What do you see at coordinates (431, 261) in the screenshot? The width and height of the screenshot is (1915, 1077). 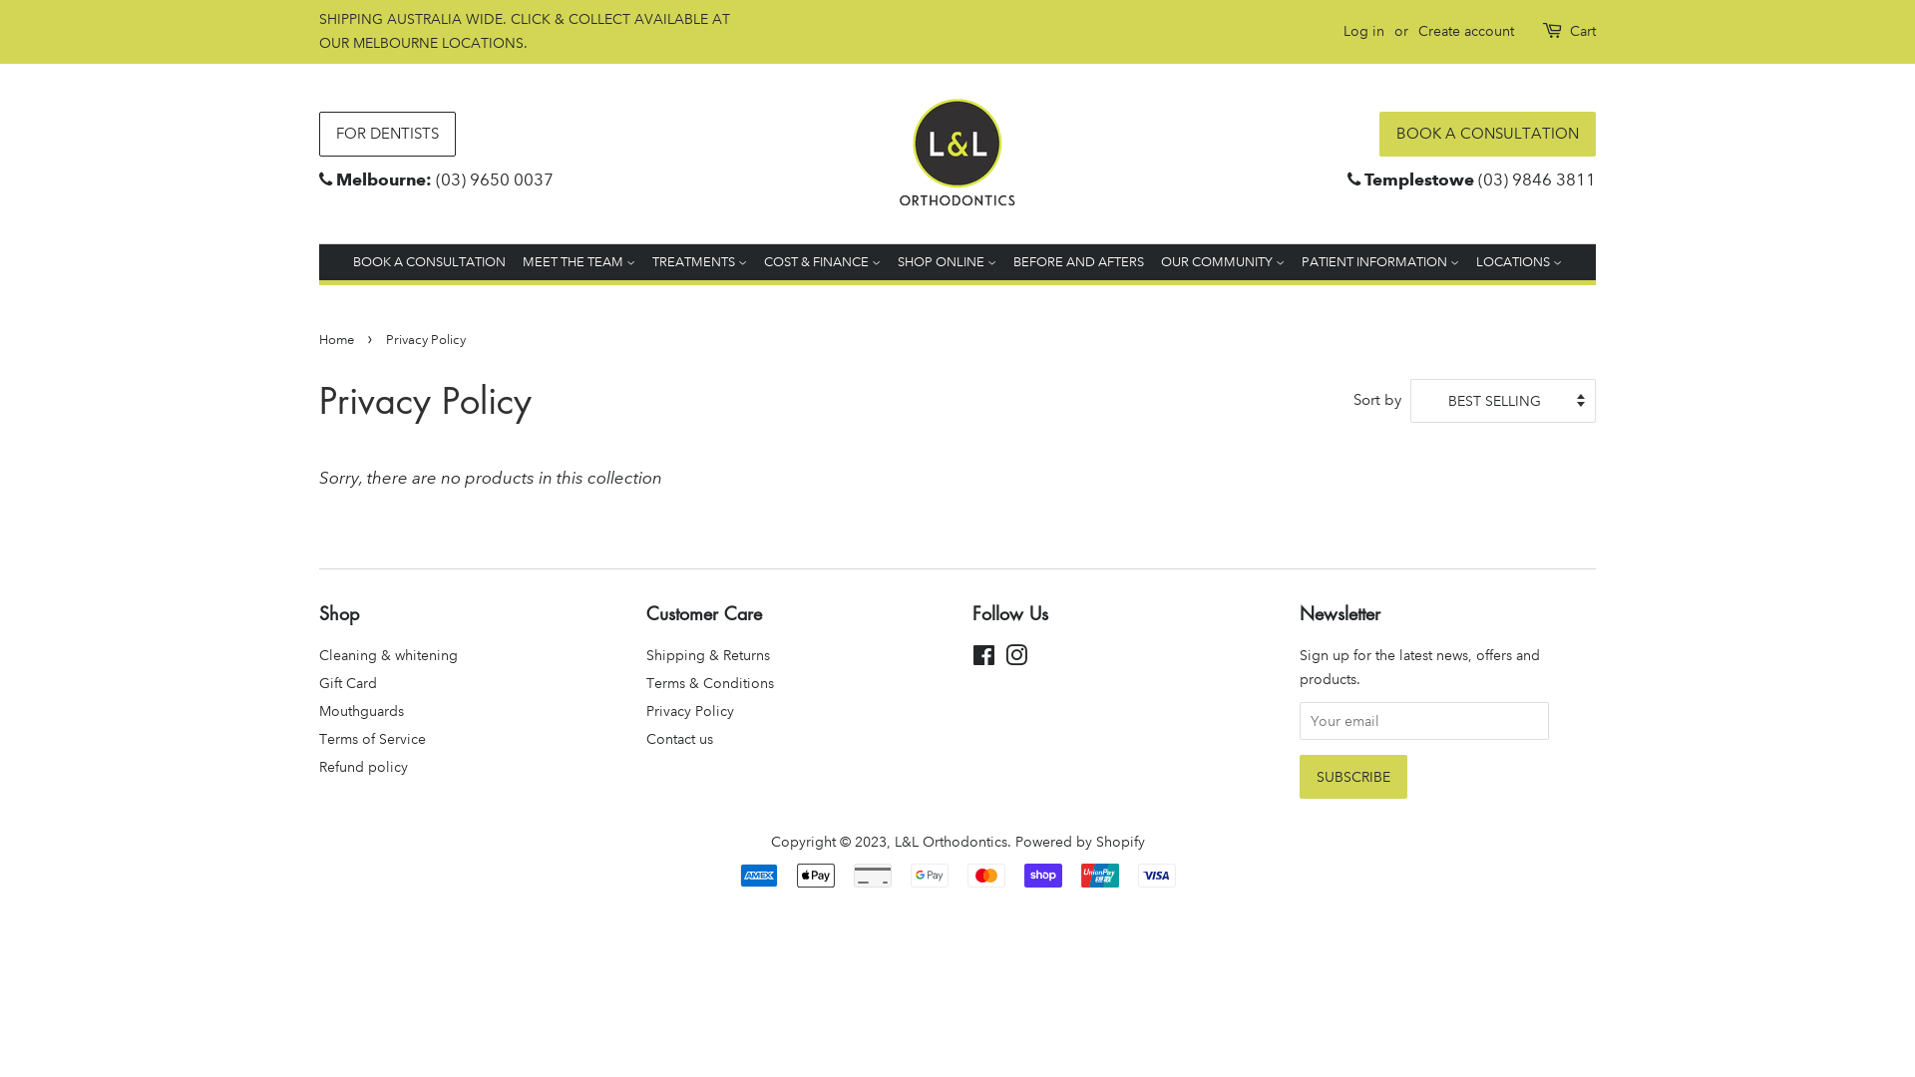 I see `'BOOK A CONSULTATION'` at bounding box center [431, 261].